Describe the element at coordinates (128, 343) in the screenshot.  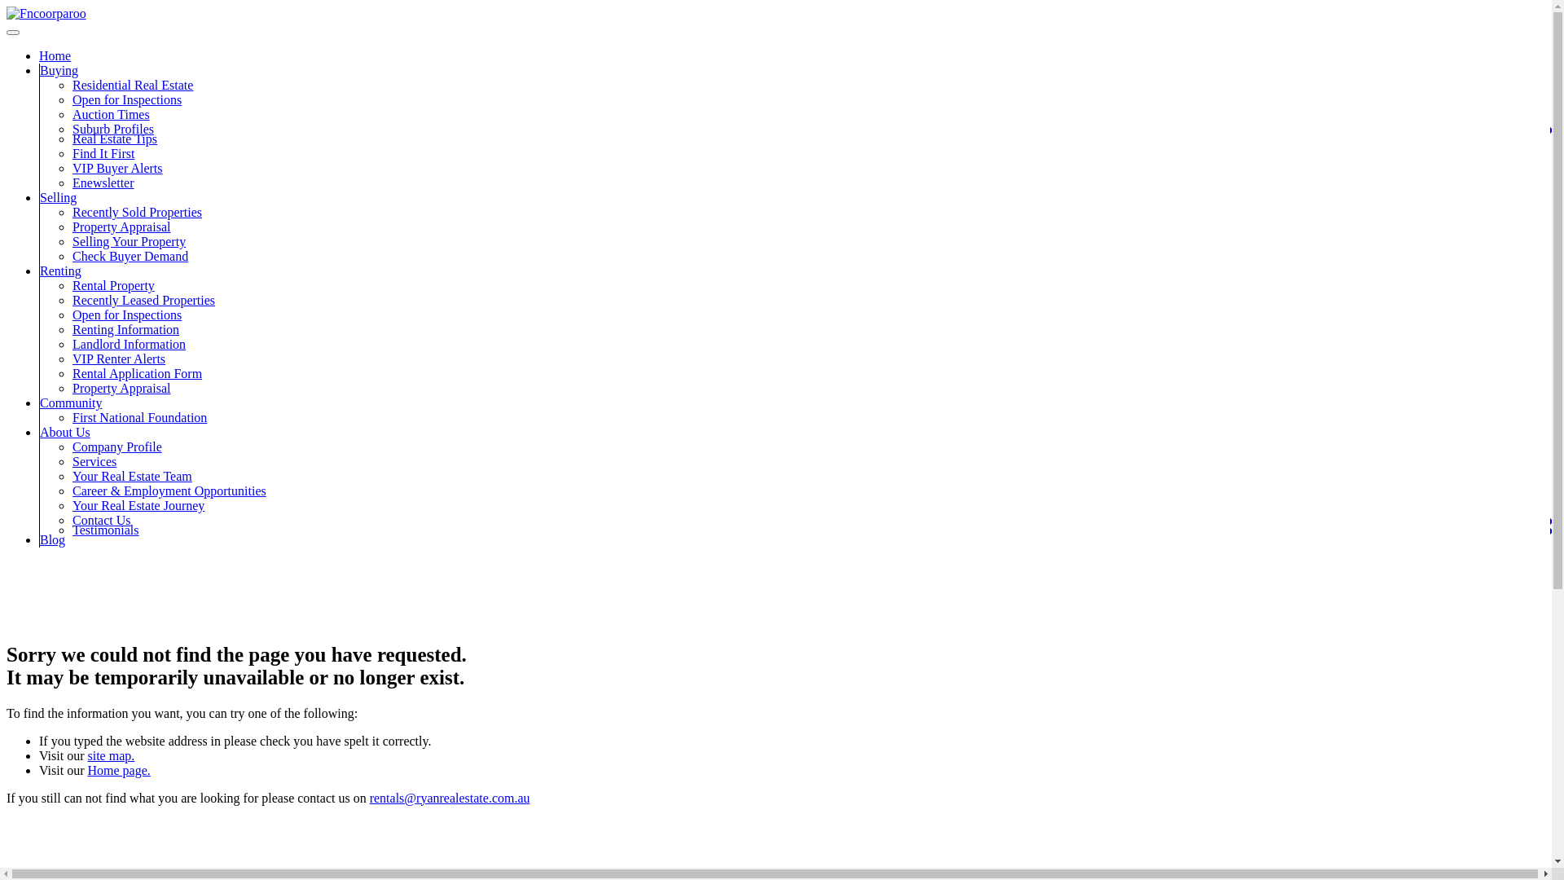
I see `'Landlord Information'` at that location.